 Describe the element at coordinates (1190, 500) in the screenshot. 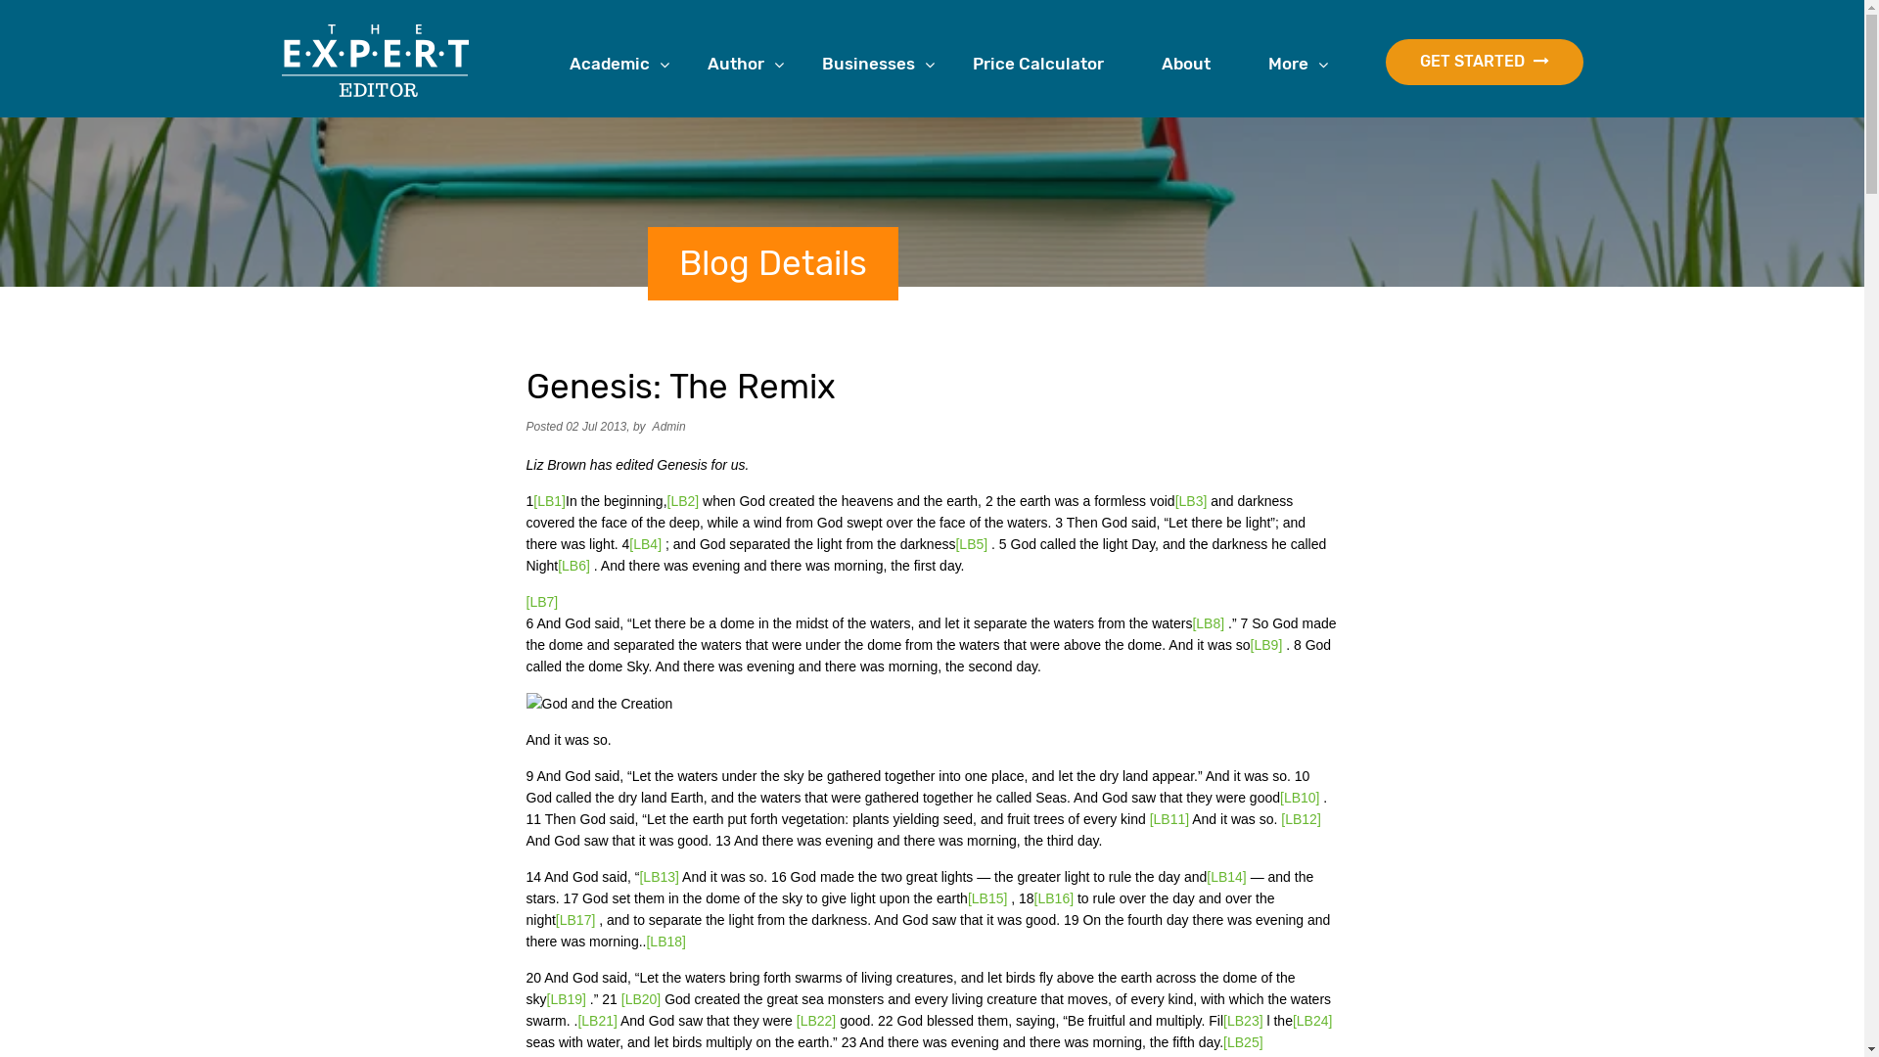

I see `'[LB3]'` at that location.